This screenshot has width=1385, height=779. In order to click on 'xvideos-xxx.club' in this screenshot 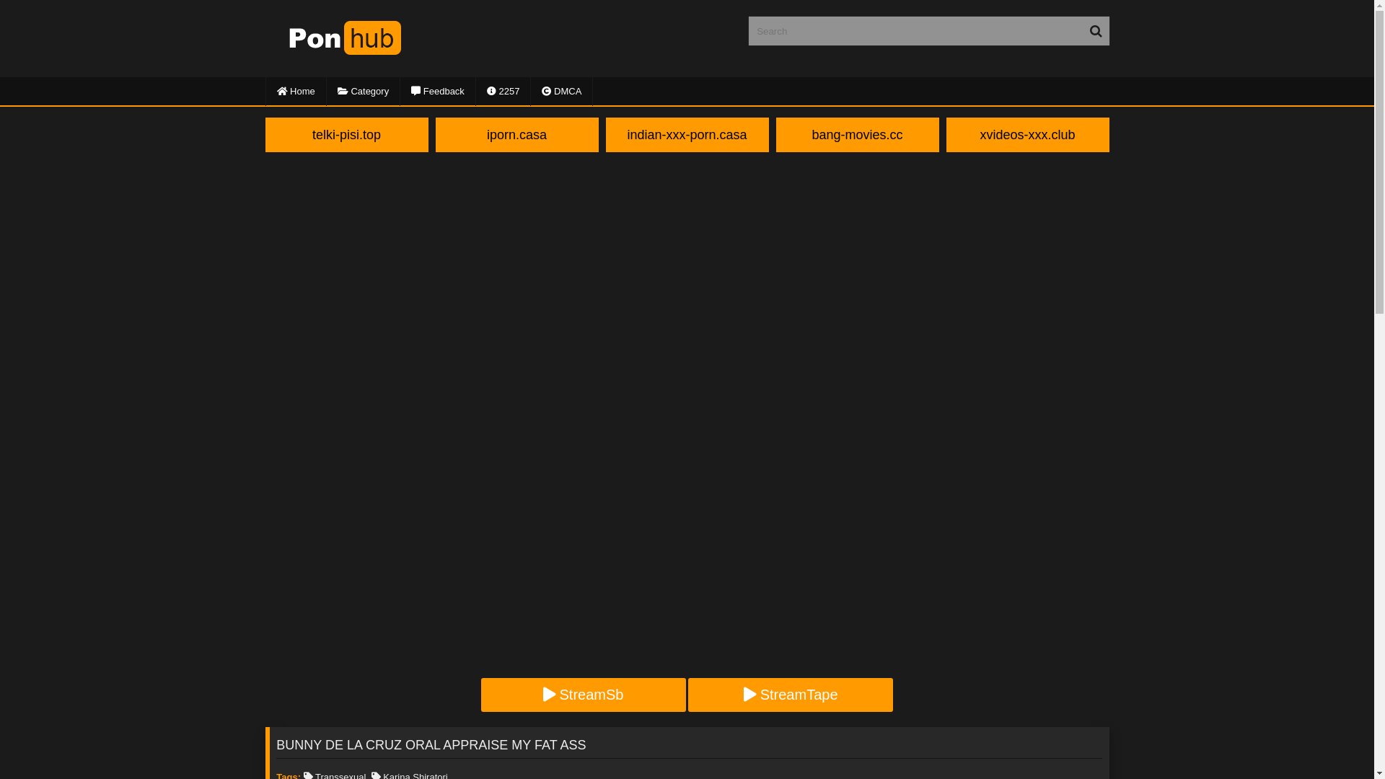, I will do `click(1027, 134)`.